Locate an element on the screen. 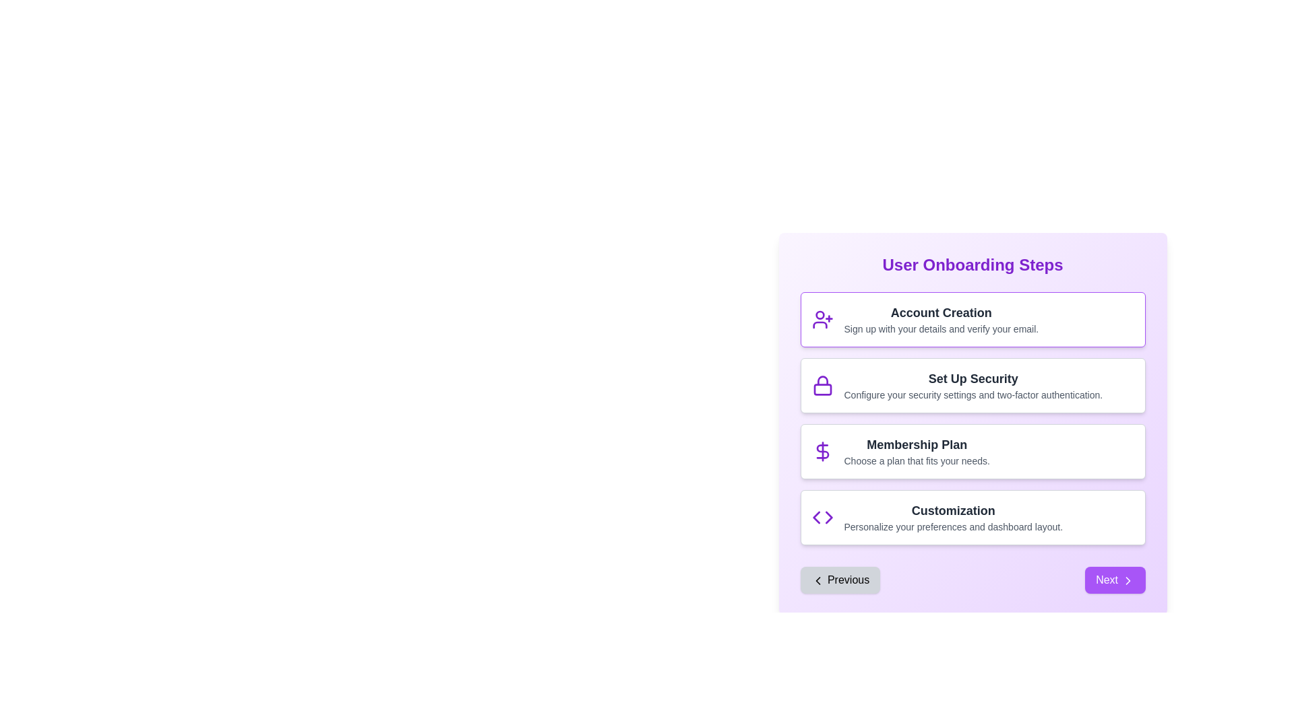 The height and width of the screenshot is (727, 1294). the 'Account Creation' Section Header, which is the topmost entry in the User Onboarding Steps list is located at coordinates (940, 319).